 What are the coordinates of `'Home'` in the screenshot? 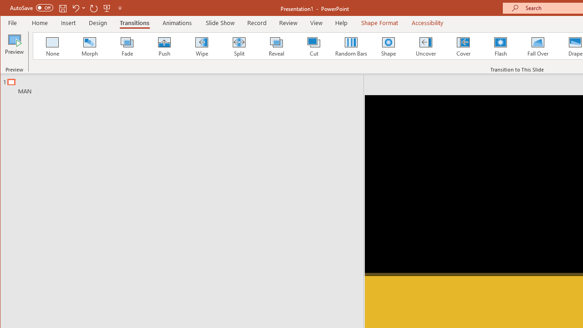 It's located at (39, 22).